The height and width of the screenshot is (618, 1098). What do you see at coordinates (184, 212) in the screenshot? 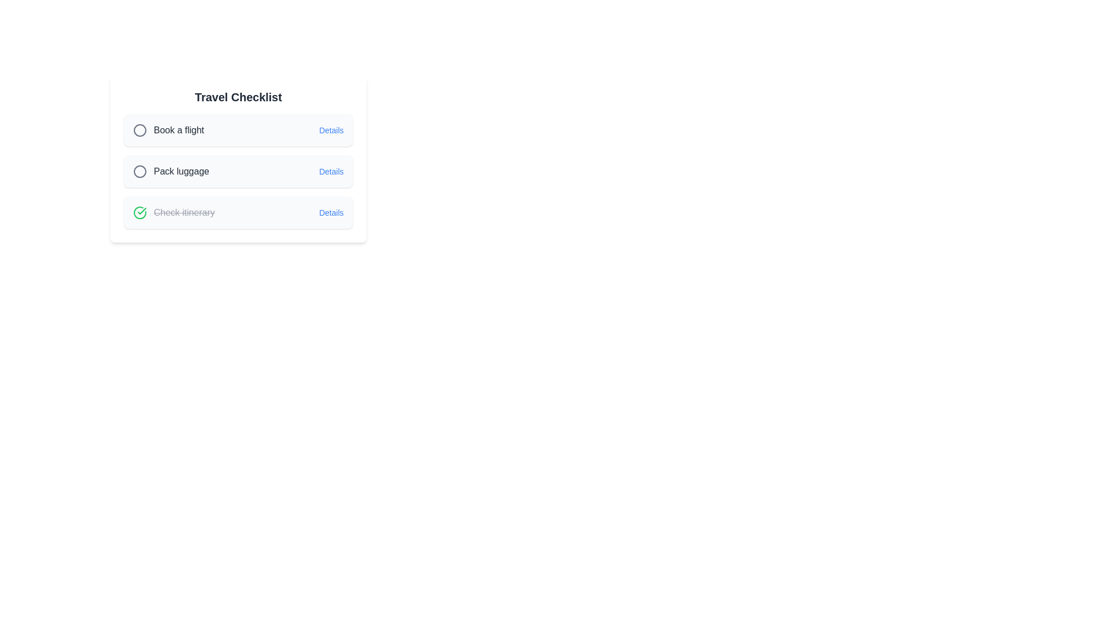
I see `the 'Check itinerary' text in the third row of the travel checklist` at bounding box center [184, 212].